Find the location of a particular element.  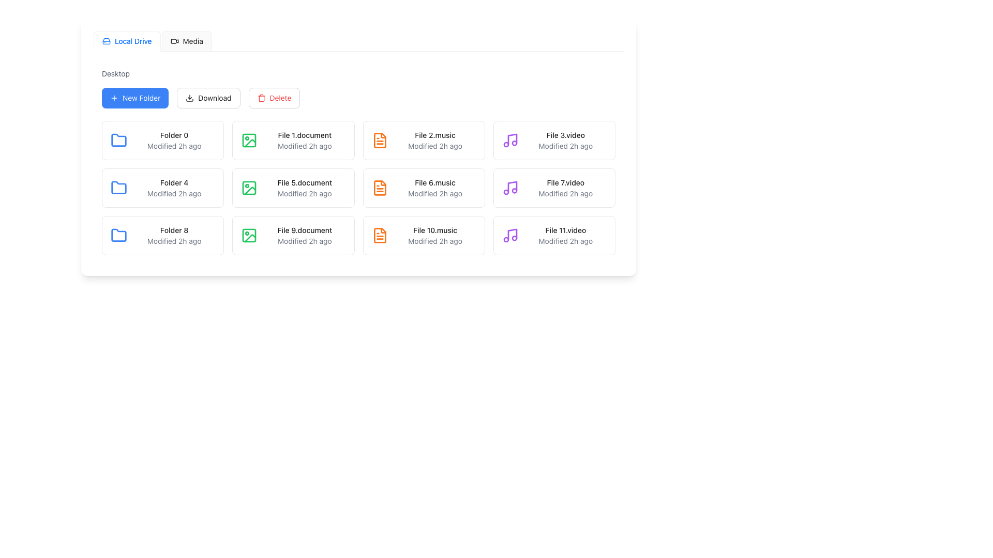

the button representing the file named 'File 2.music' is located at coordinates (424, 141).